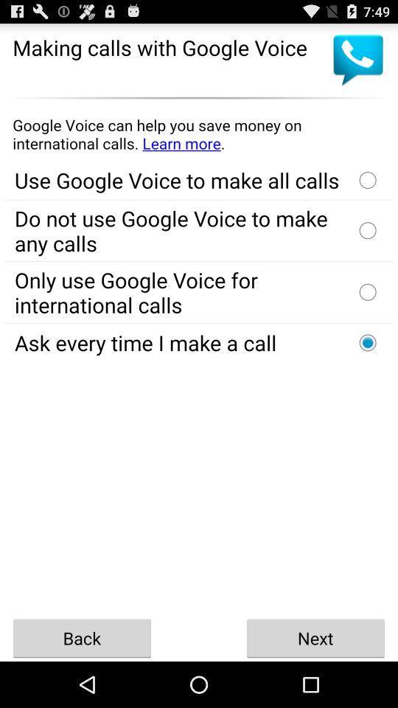 The height and width of the screenshot is (708, 398). What do you see at coordinates (199, 134) in the screenshot?
I see `learn more` at bounding box center [199, 134].